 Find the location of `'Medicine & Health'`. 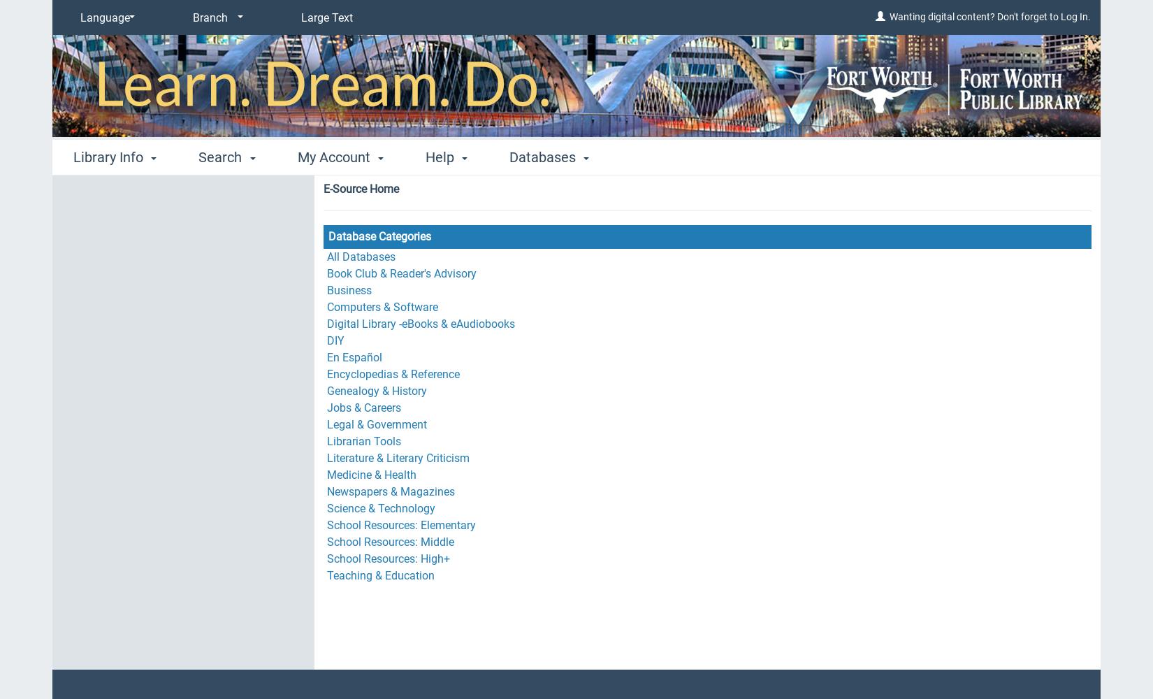

'Medicine & Health' is located at coordinates (370, 475).